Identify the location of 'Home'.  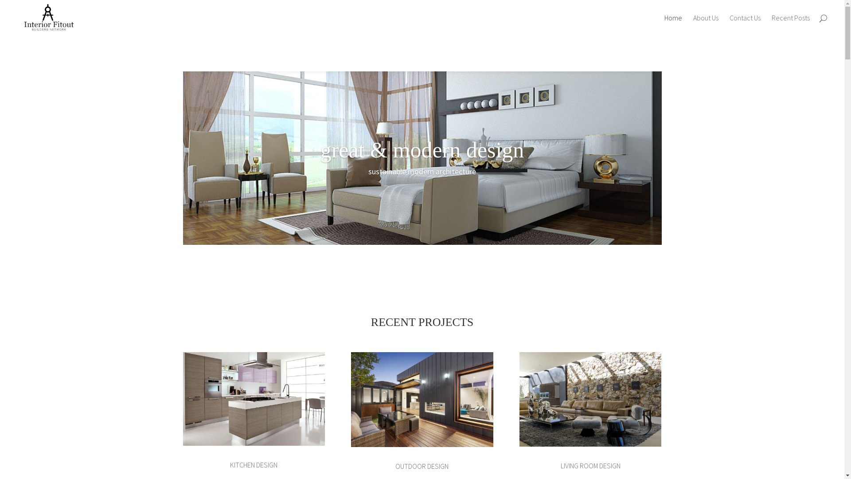
(673, 24).